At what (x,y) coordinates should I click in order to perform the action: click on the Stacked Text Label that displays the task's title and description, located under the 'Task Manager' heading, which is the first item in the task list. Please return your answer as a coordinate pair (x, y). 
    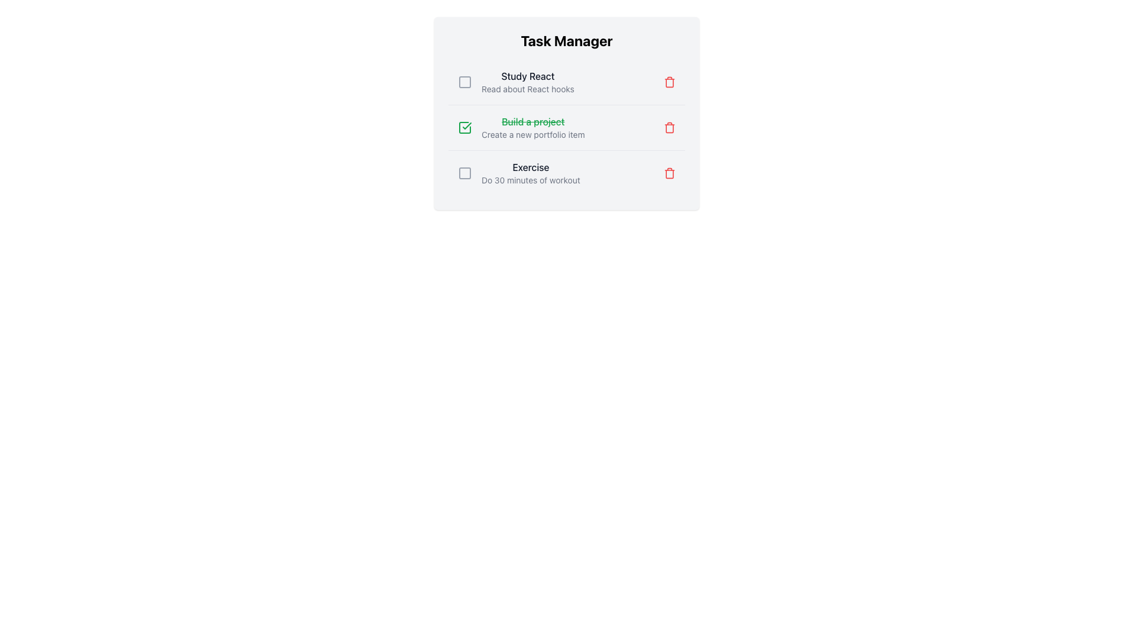
    Looking at the image, I should click on (527, 81).